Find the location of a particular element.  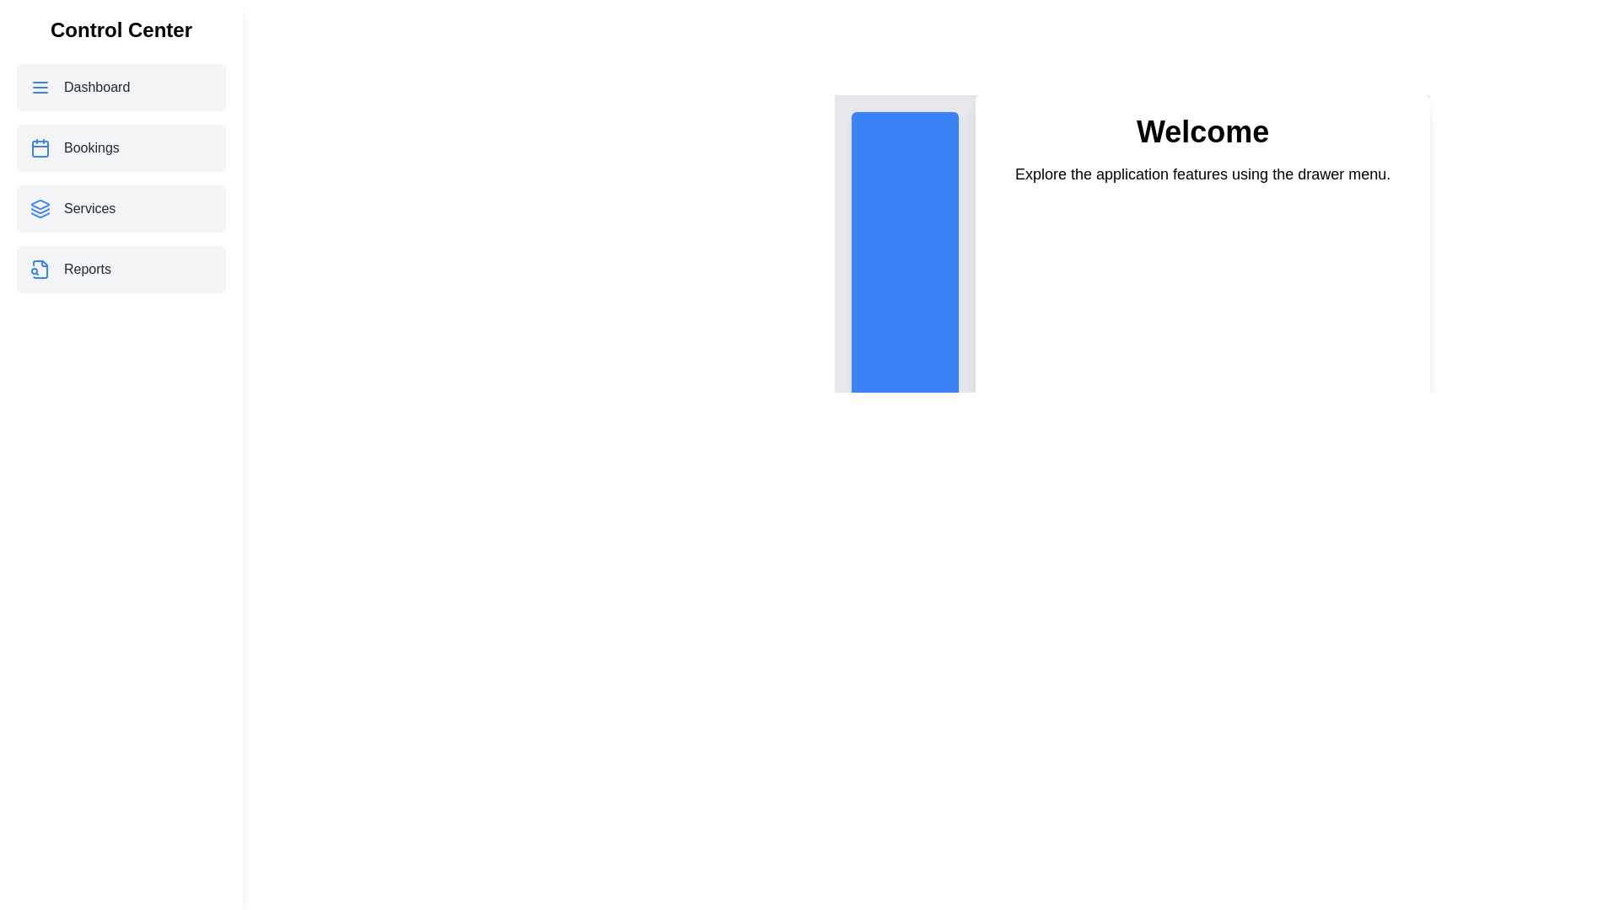

the menu item Bookings is located at coordinates (121, 147).